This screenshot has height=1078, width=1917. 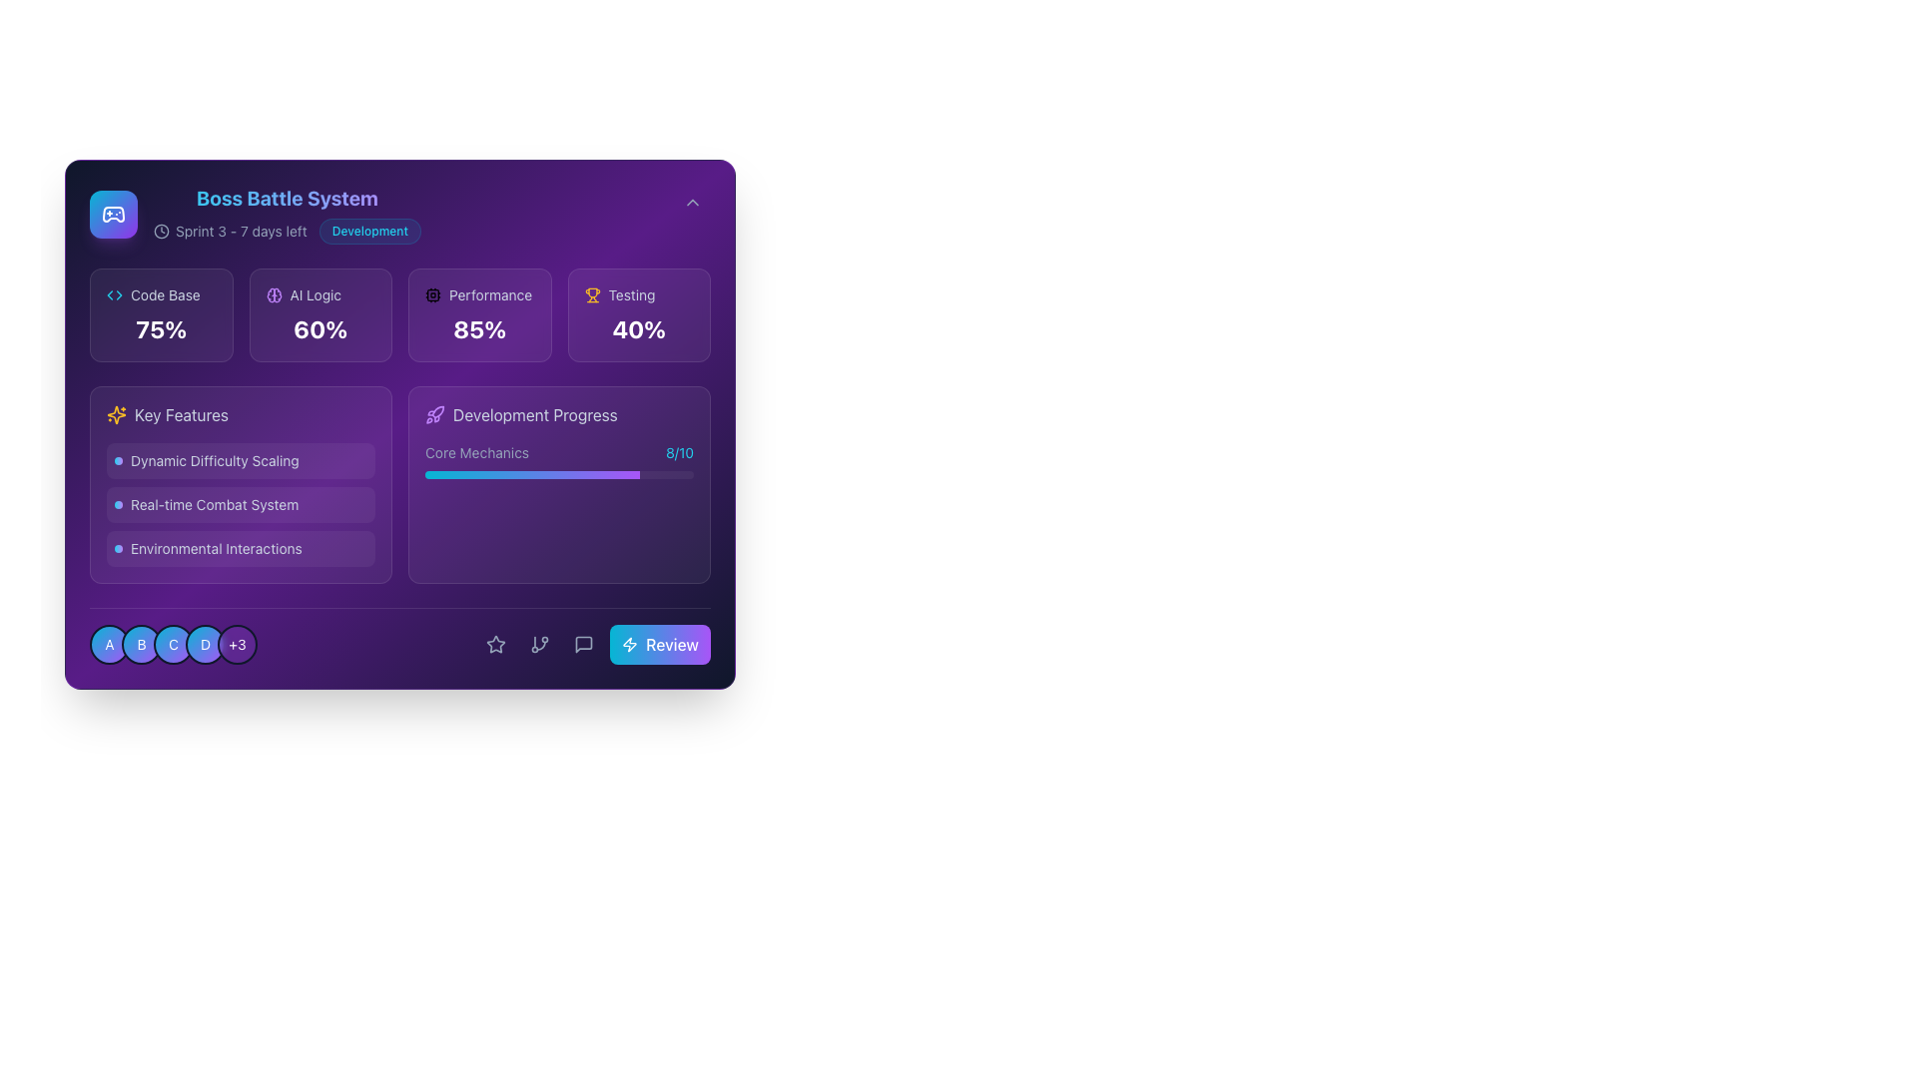 What do you see at coordinates (559, 453) in the screenshot?
I see `the Rating and description component that displays 'Core Mechanics' in light slate color and a score of '8/10' in cyan, located in the 'Development Progress' section` at bounding box center [559, 453].